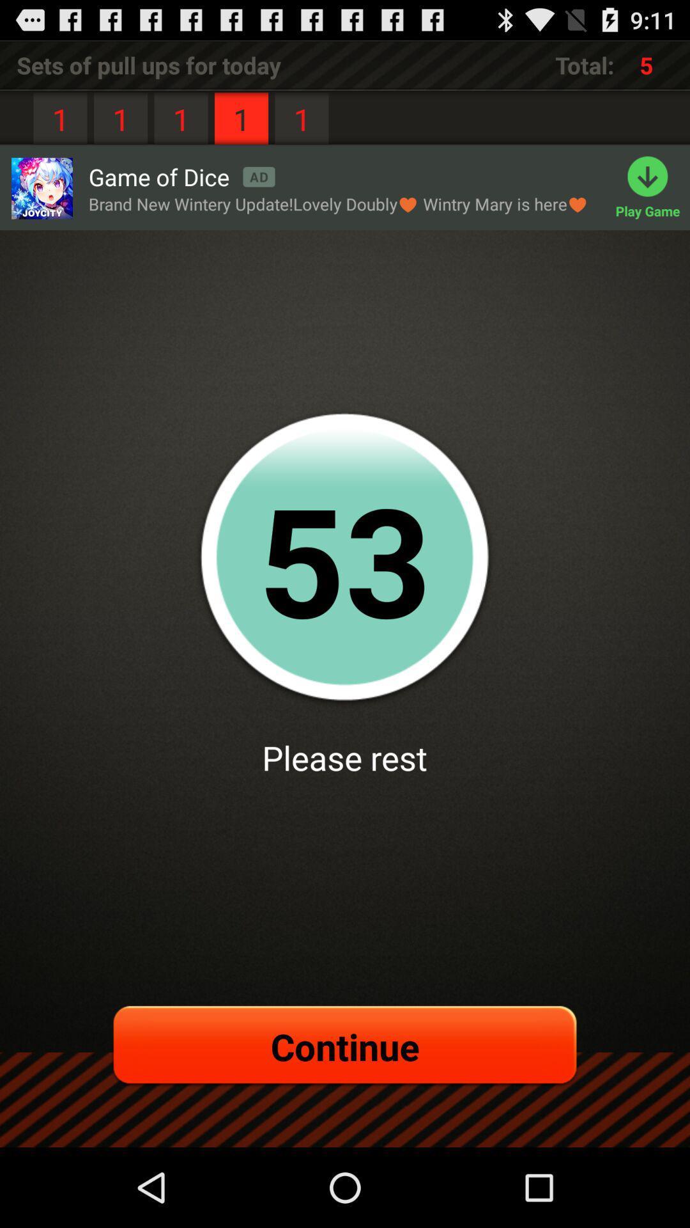 The width and height of the screenshot is (690, 1228). I want to click on the app next to the play game app, so click(181, 176).